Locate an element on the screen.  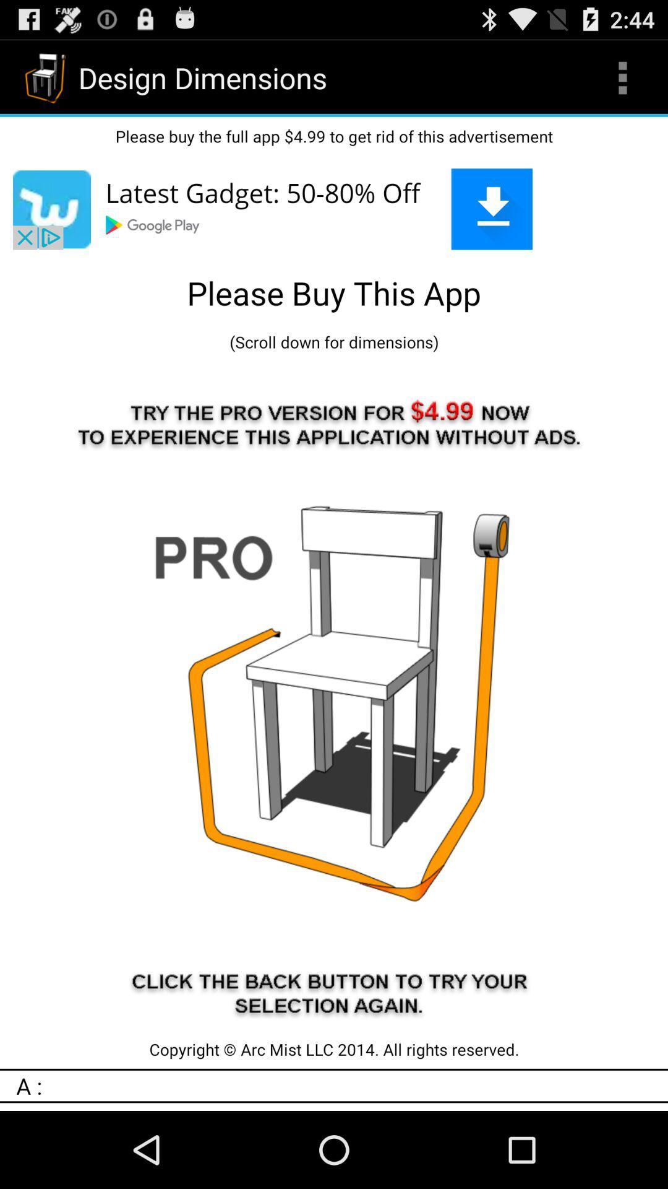
the icon at the top right corner is located at coordinates (622, 77).